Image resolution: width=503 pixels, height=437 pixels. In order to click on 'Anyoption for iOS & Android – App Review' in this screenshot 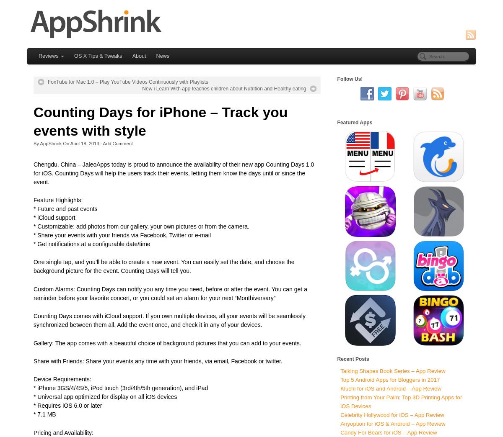, I will do `click(392, 424)`.